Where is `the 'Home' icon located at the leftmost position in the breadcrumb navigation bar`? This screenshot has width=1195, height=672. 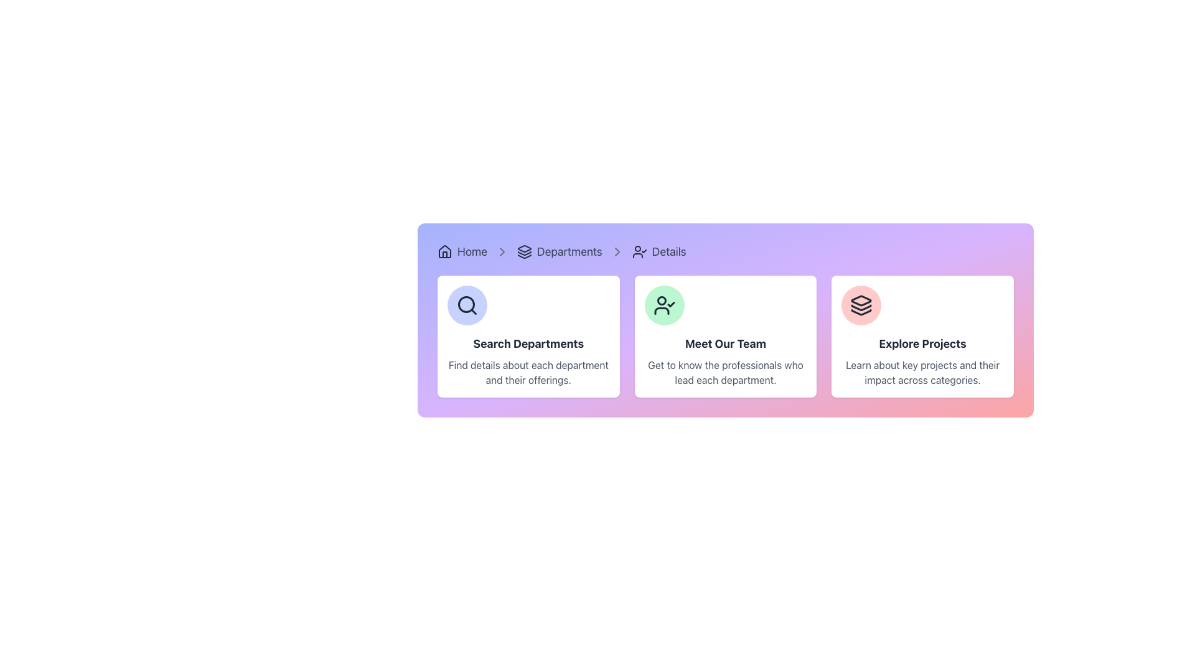
the 'Home' icon located at the leftmost position in the breadcrumb navigation bar is located at coordinates (445, 252).